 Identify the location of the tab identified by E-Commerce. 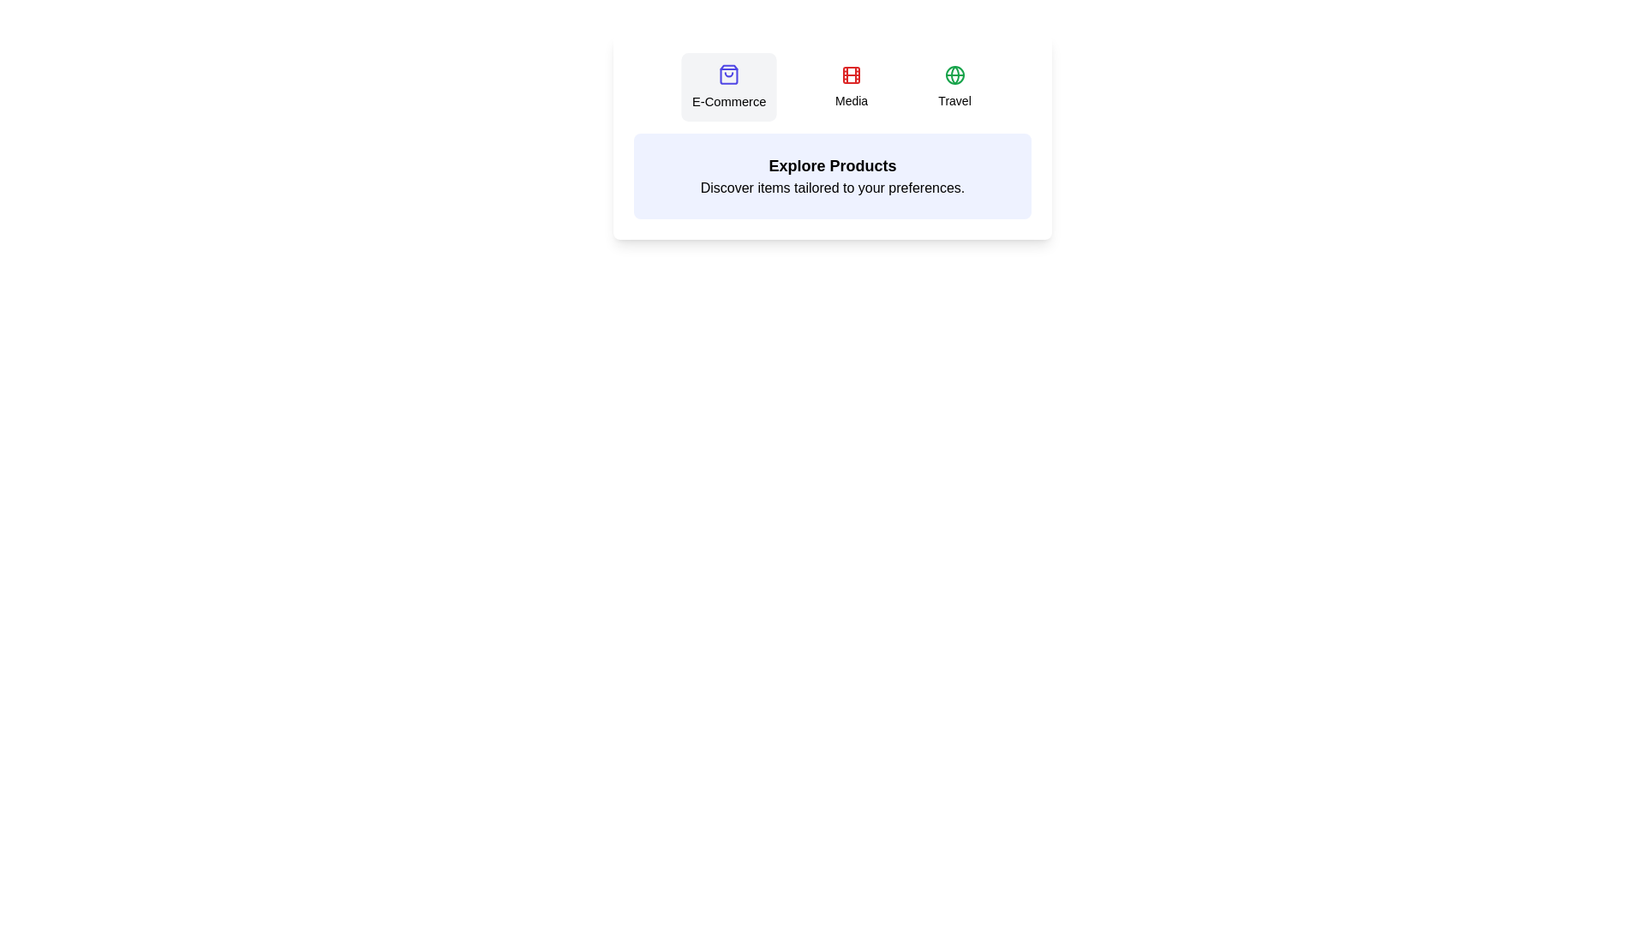
(729, 87).